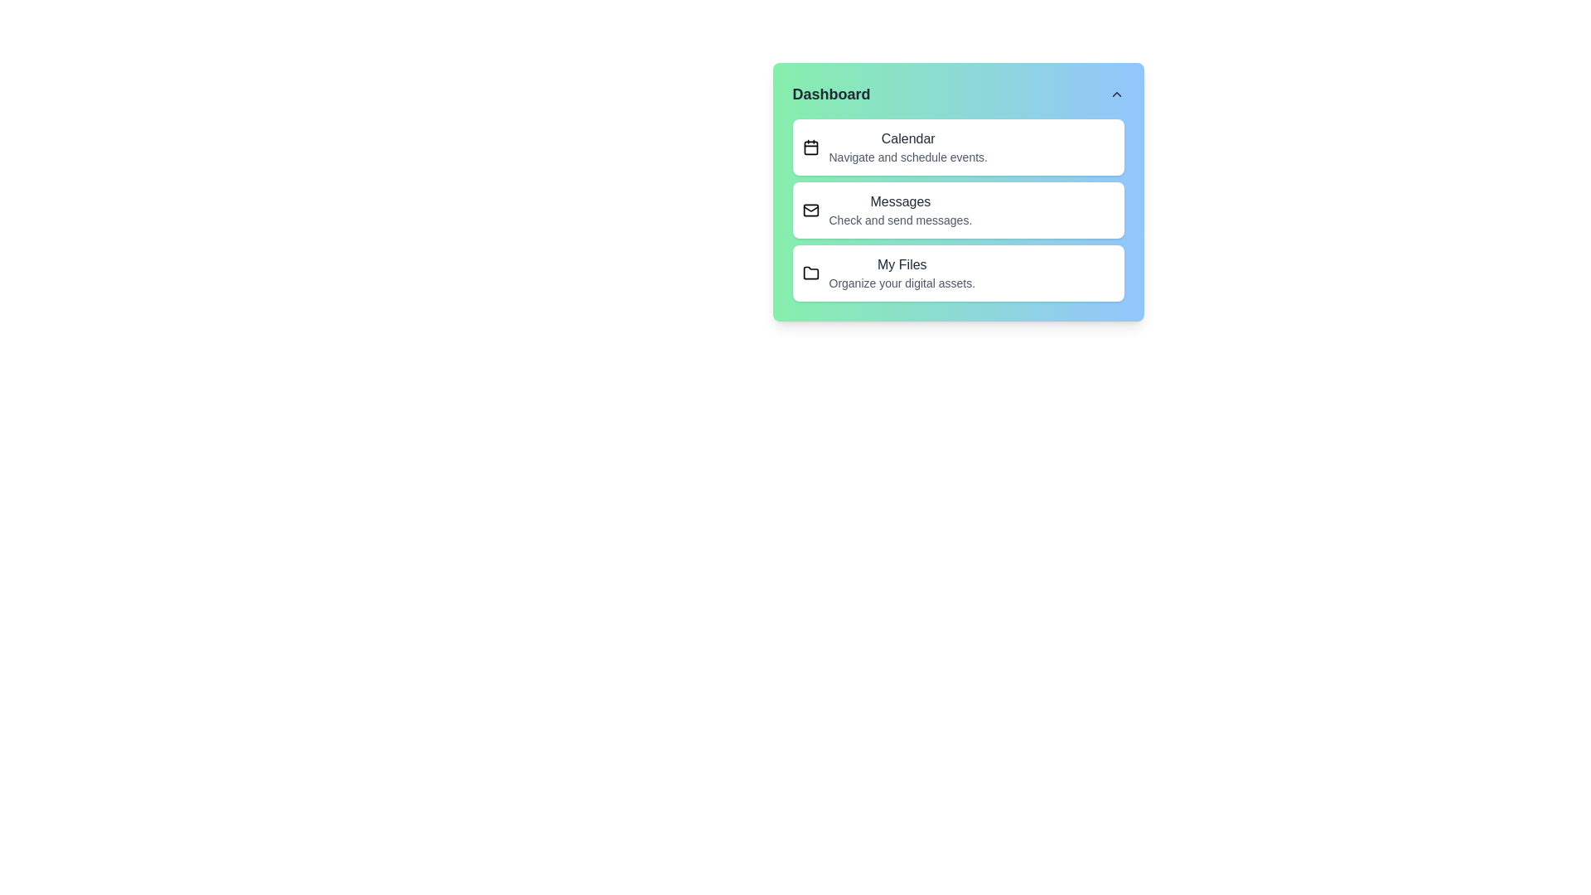 This screenshot has width=1591, height=895. What do you see at coordinates (958, 210) in the screenshot?
I see `the menu item Messages to interact with it` at bounding box center [958, 210].